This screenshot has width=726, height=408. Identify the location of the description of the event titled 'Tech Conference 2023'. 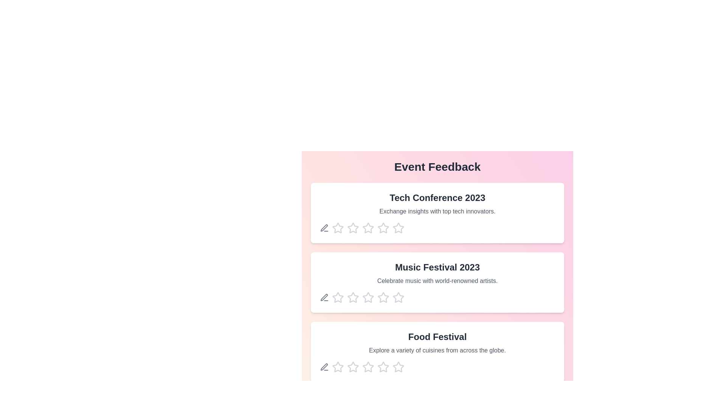
(437, 213).